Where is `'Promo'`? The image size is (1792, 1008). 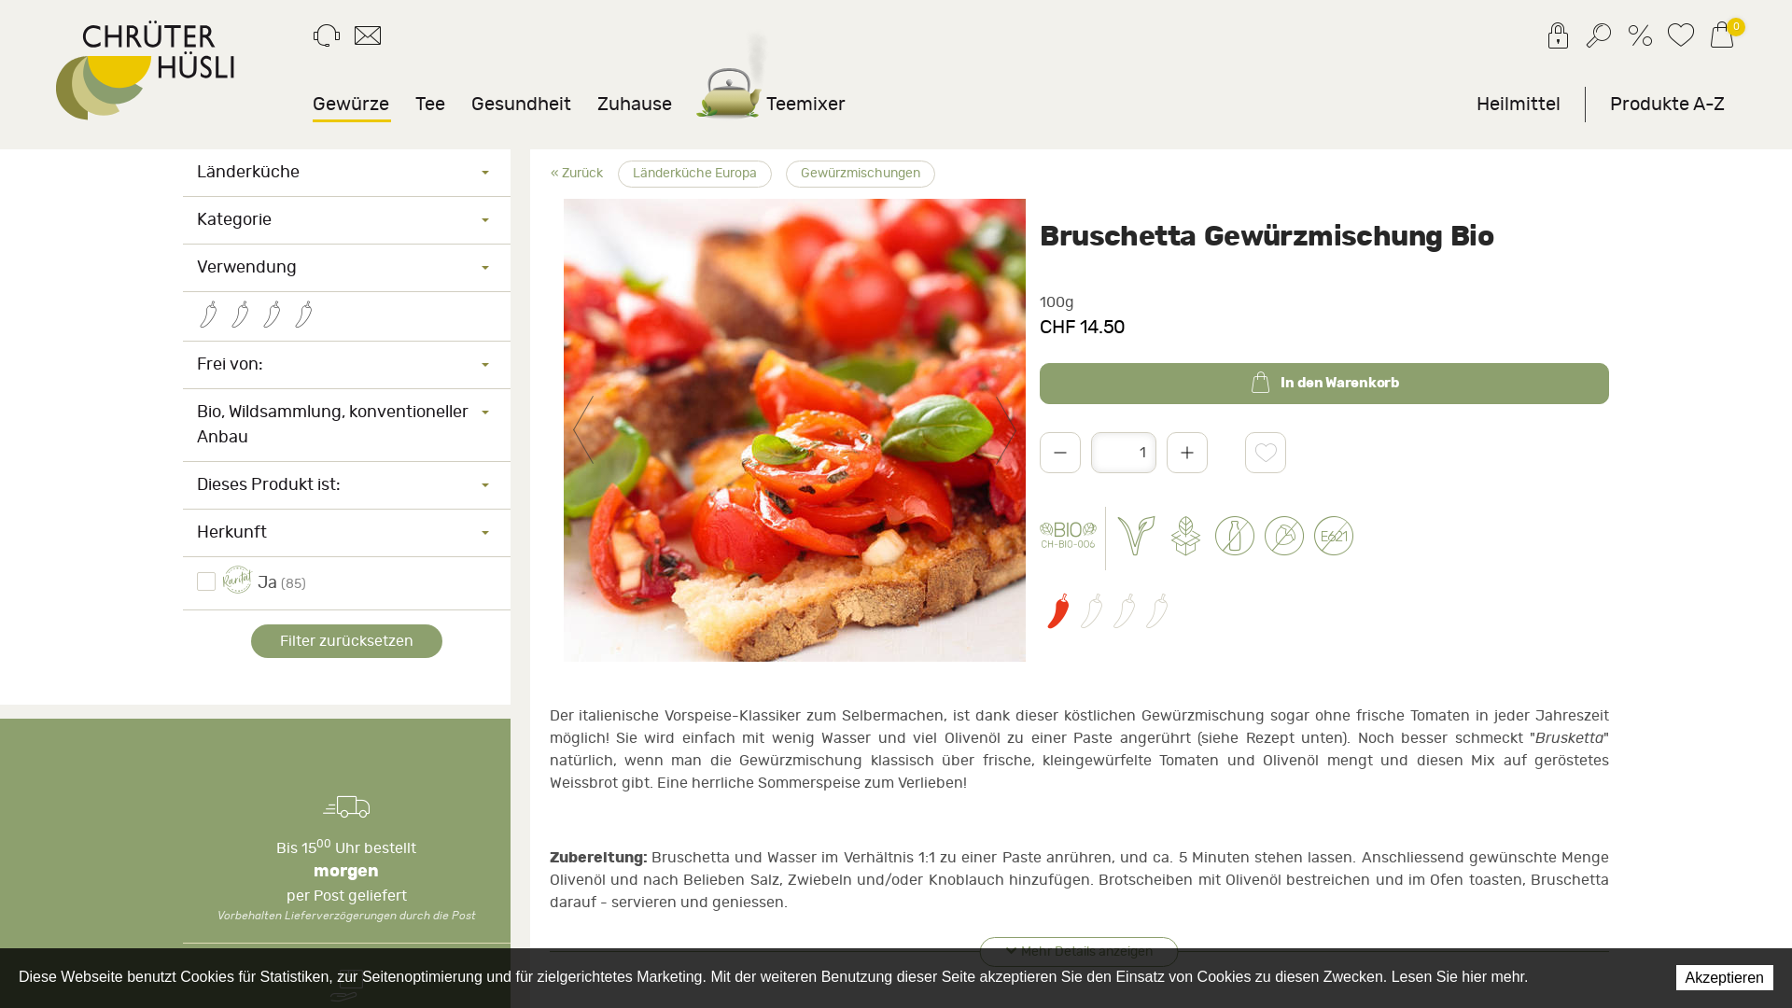
'Promo' is located at coordinates (1625, 39).